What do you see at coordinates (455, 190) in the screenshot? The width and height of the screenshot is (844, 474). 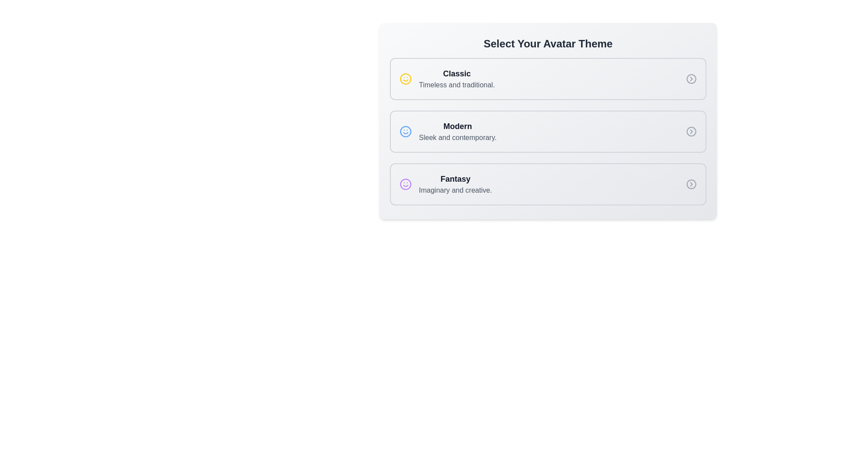 I see `the text label 'Imaginary and creative.'` at bounding box center [455, 190].